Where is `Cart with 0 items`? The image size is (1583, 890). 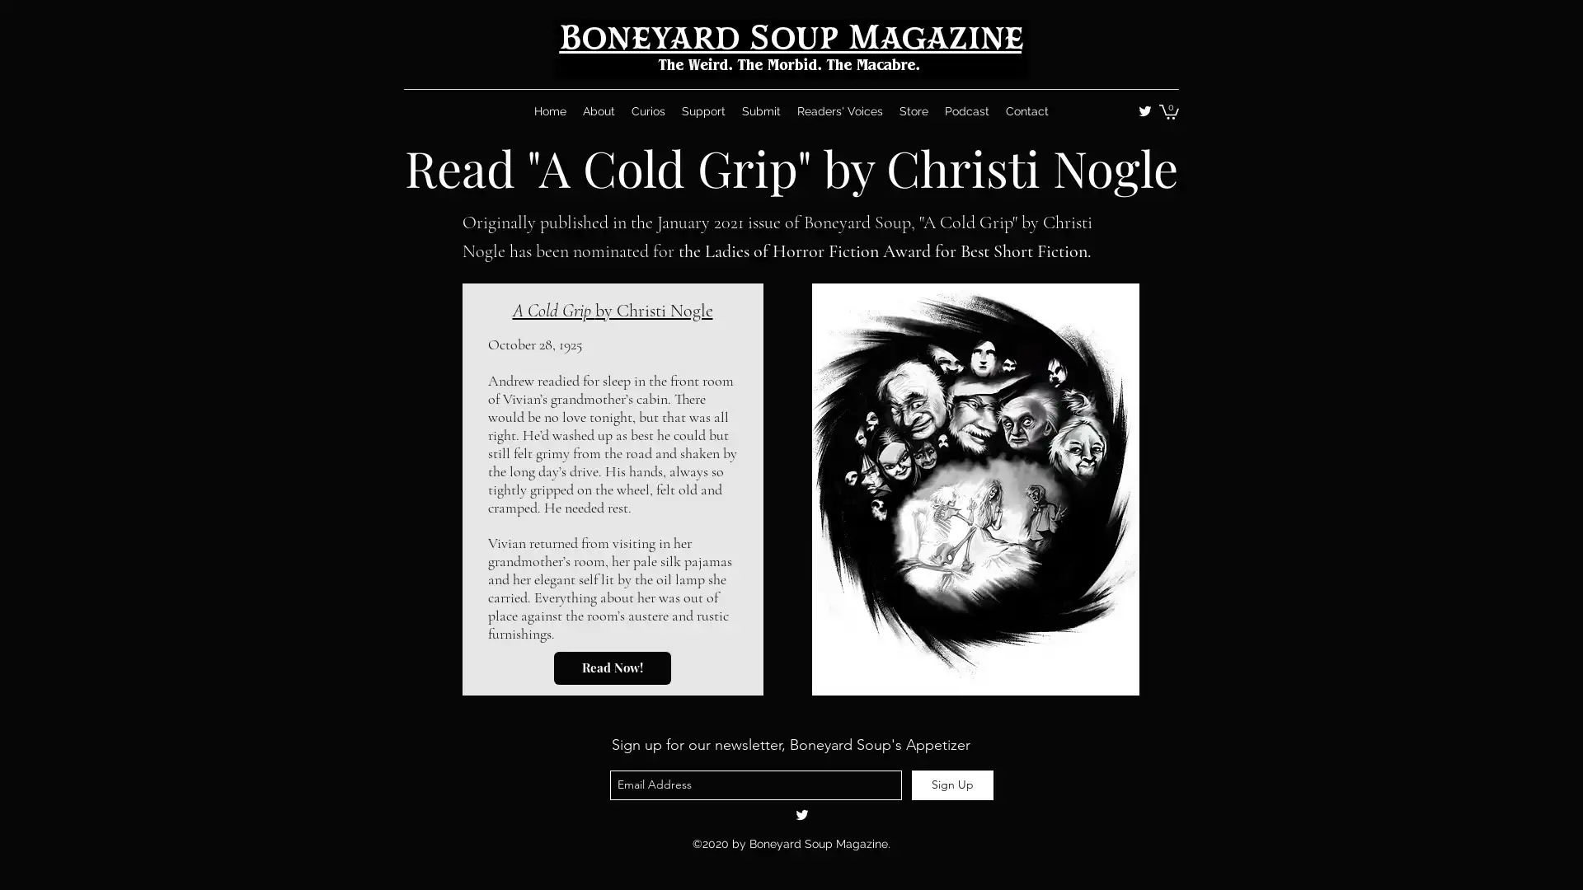
Cart with 0 items is located at coordinates (1167, 111).